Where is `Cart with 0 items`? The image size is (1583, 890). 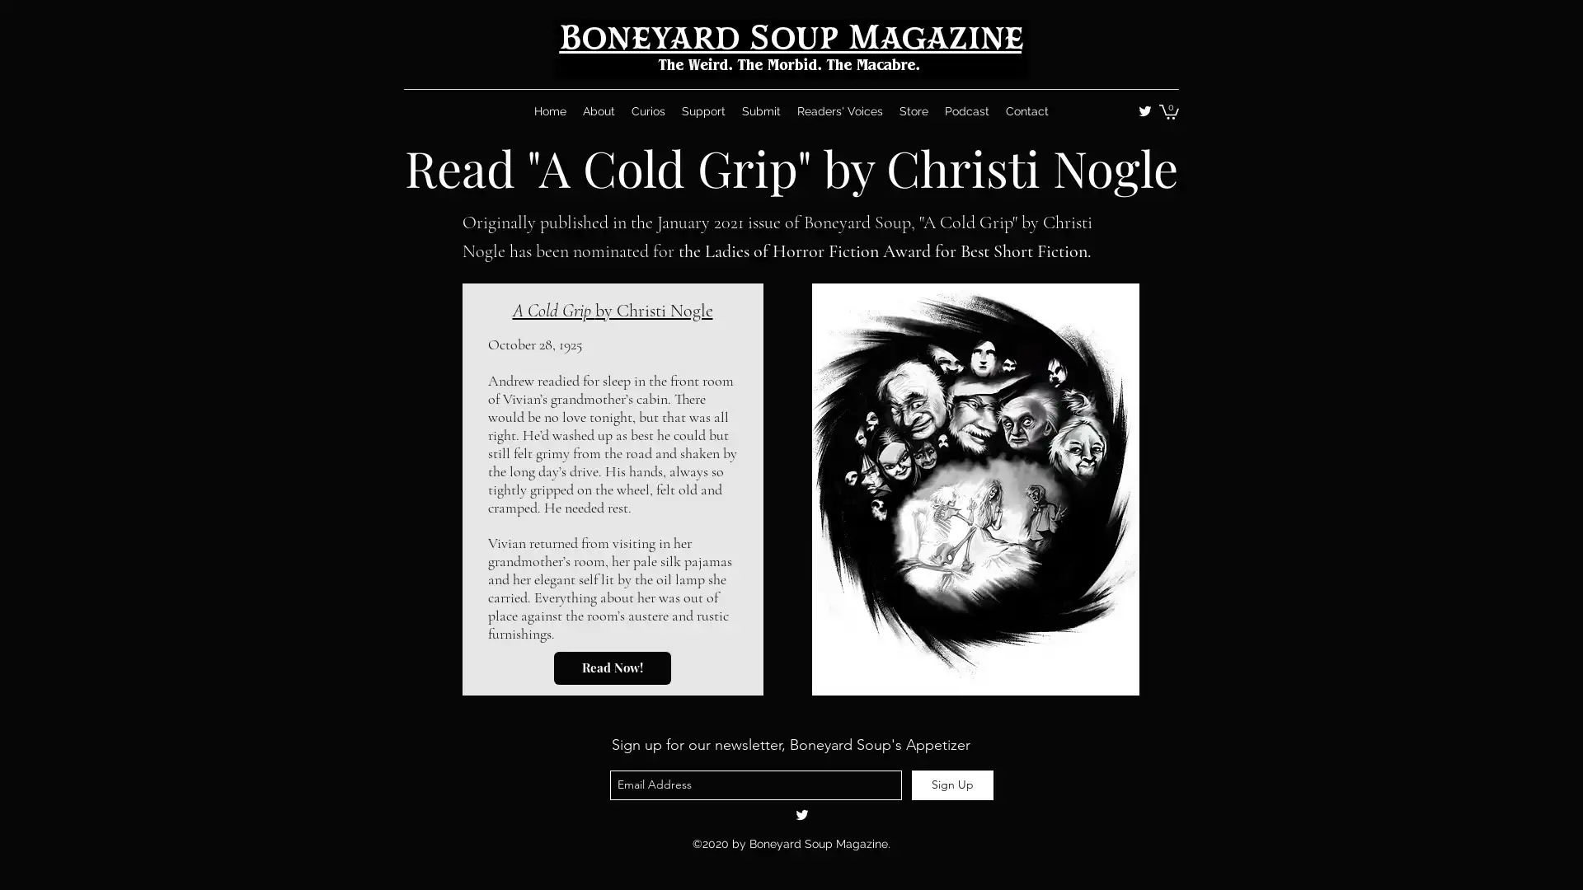
Cart with 0 items is located at coordinates (1167, 111).